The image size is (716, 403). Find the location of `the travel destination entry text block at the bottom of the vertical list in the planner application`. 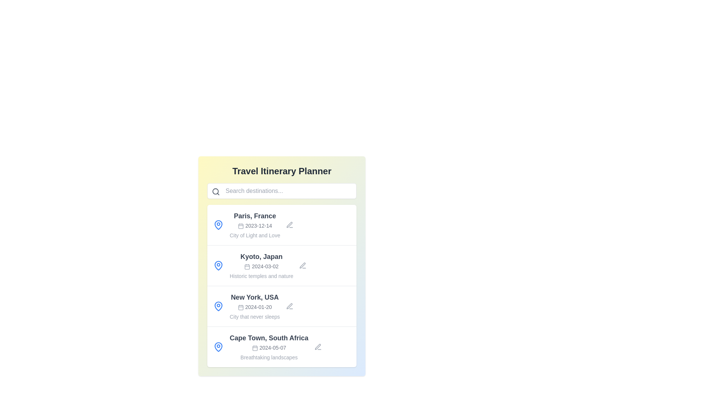

the travel destination entry text block at the bottom of the vertical list in the planner application is located at coordinates (268, 347).